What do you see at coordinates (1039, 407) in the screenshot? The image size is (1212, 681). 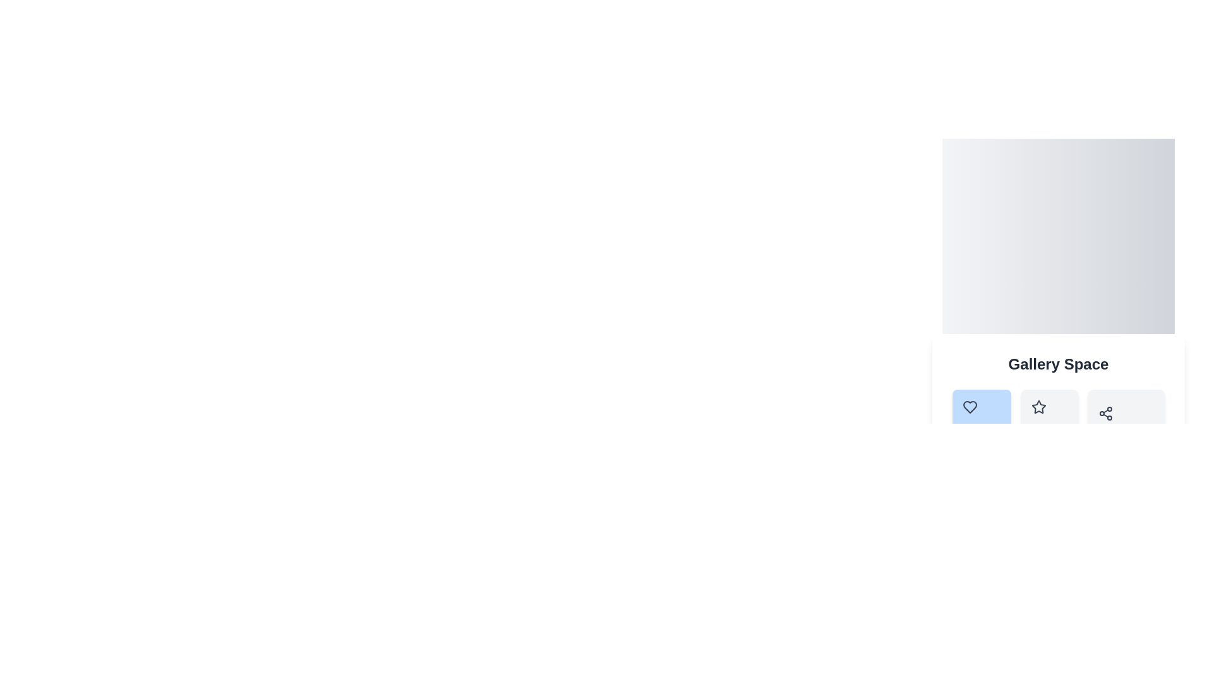 I see `the star icon button` at bounding box center [1039, 407].